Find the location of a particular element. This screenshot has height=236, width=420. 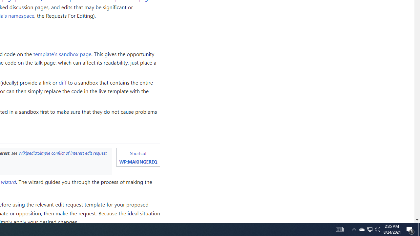

'WP:MAKINGEREQ' is located at coordinates (138, 162).